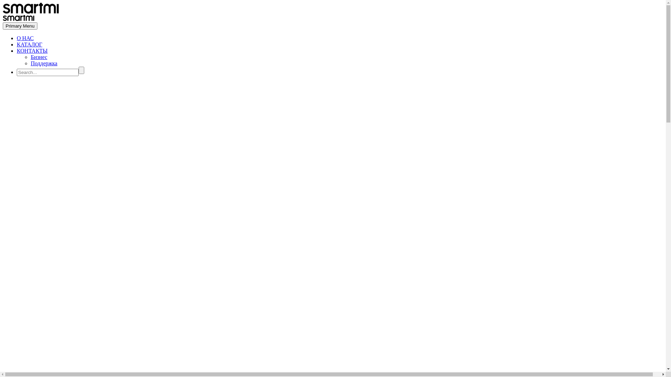 This screenshot has width=671, height=377. I want to click on 'Primary Menu', so click(3, 25).